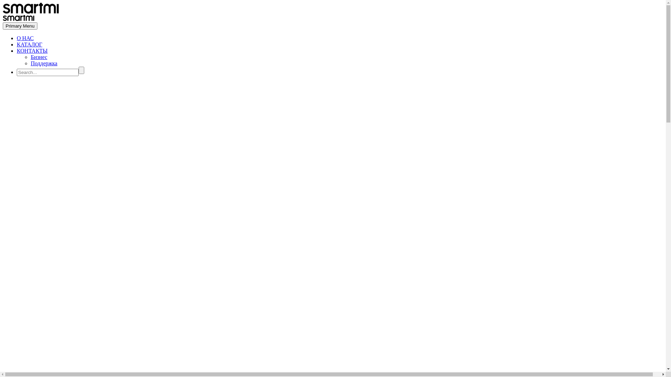 This screenshot has width=671, height=377. I want to click on 'Primary Menu', so click(3, 25).